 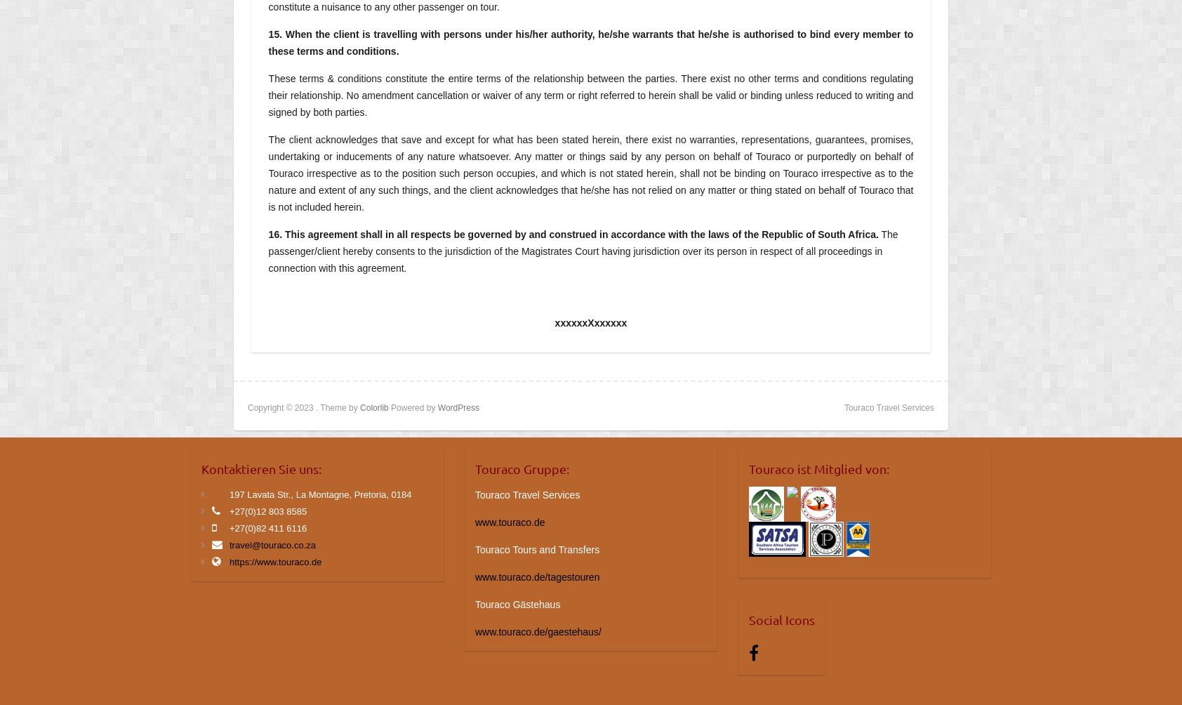 I want to click on 'Colorlib', so click(x=373, y=407).